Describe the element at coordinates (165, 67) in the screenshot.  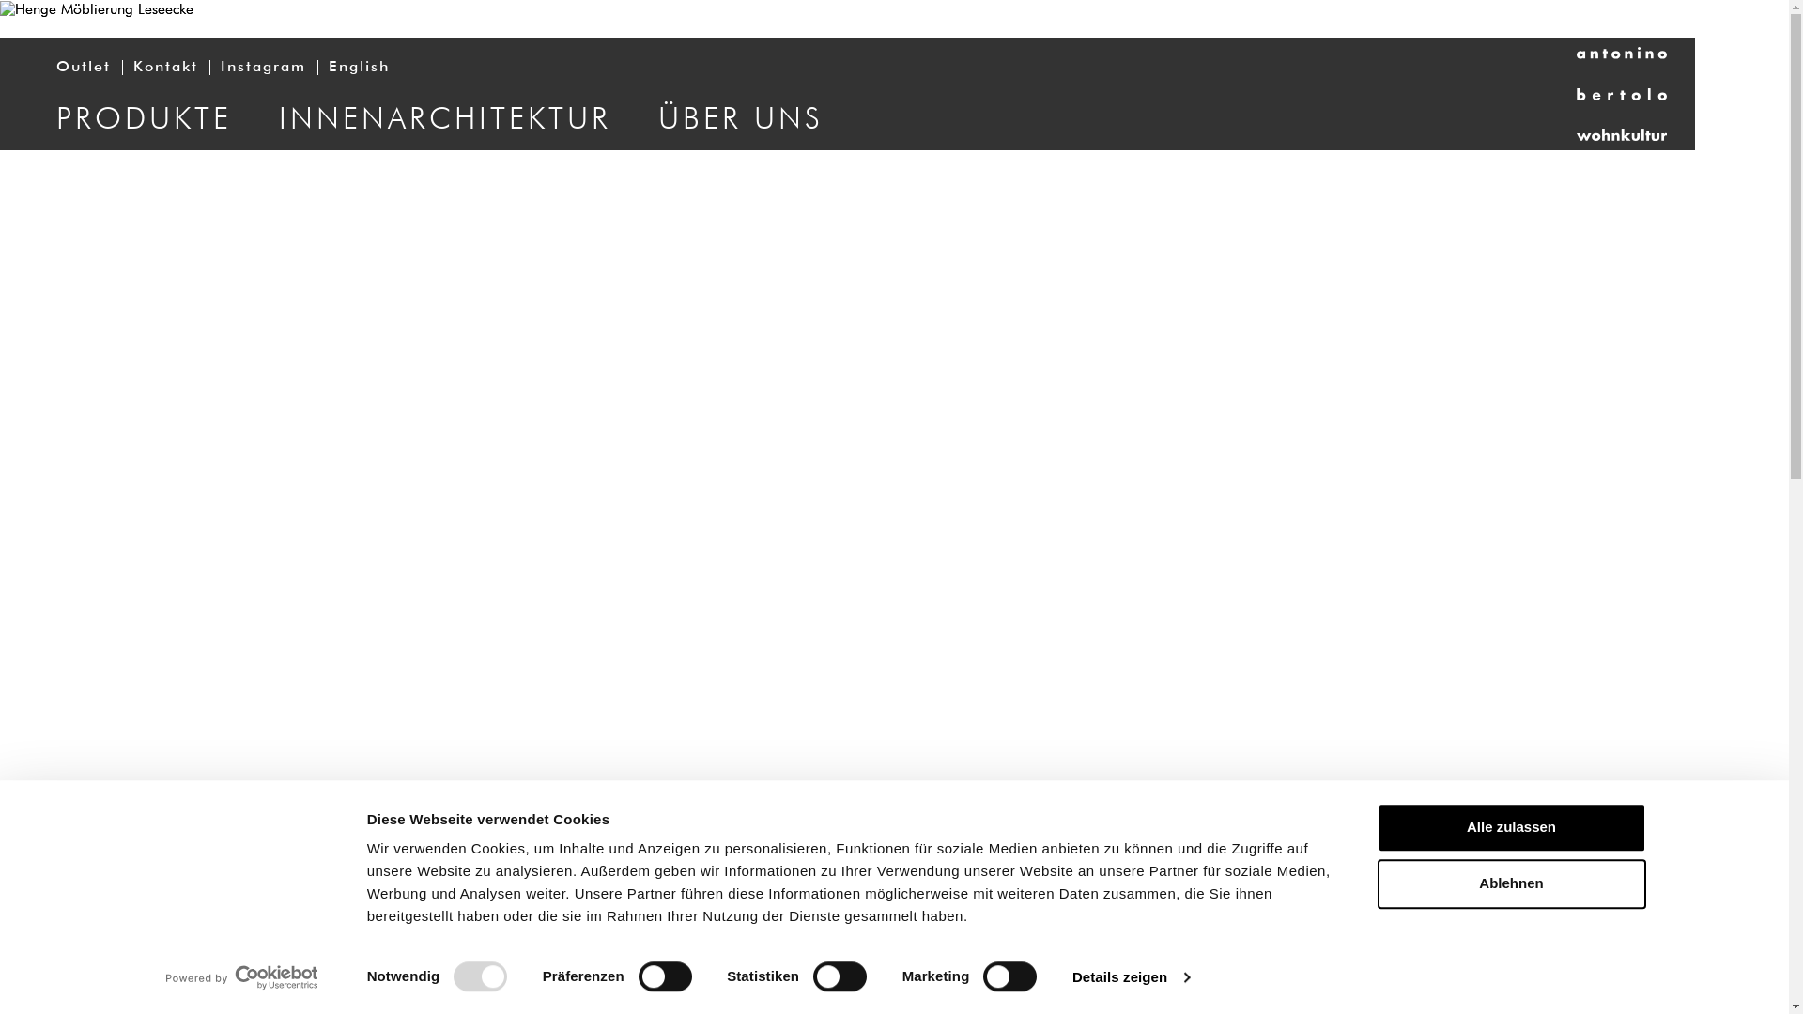
I see `'Kontakt'` at that location.